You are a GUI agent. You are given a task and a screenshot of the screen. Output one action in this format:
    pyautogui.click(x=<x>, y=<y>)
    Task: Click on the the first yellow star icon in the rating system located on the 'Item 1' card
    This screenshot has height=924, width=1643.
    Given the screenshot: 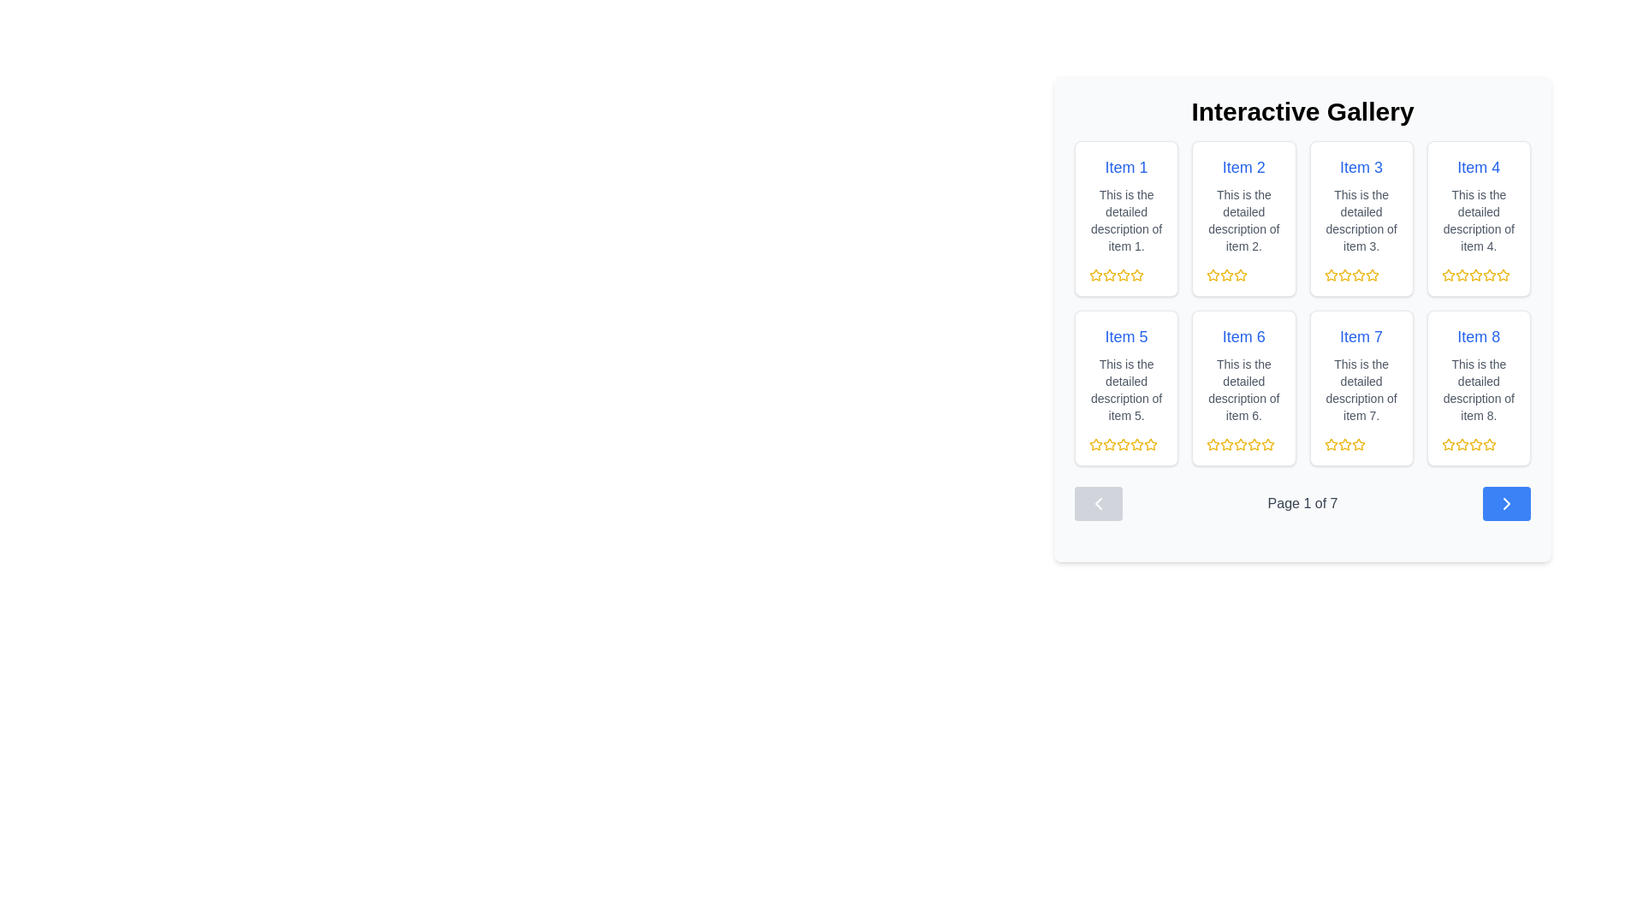 What is the action you would take?
    pyautogui.click(x=1096, y=274)
    